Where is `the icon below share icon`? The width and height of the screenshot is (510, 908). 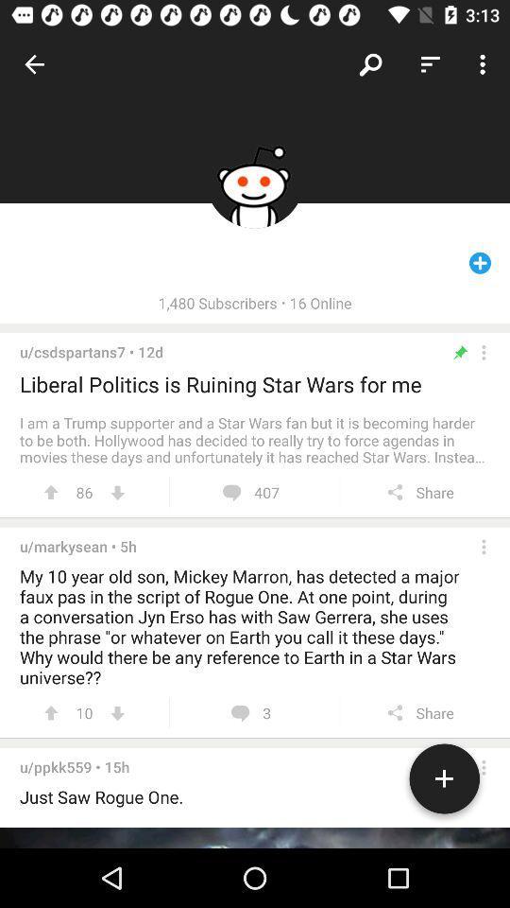
the icon below share icon is located at coordinates (444, 782).